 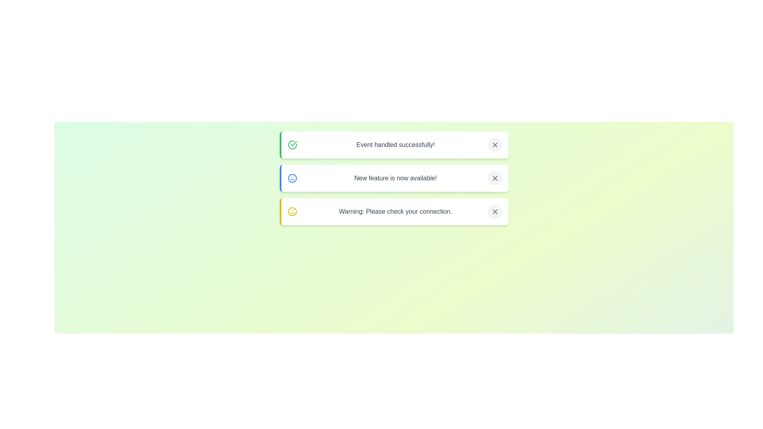 I want to click on the close icon button located at the top-right corner of the notification card that contains the message 'New feature is now available!', so click(x=494, y=178).